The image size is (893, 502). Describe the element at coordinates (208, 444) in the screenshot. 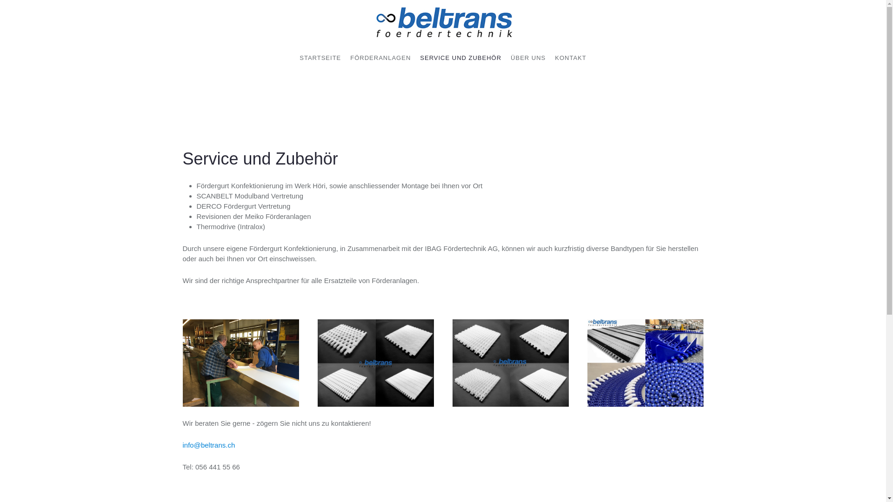

I see `'info@beltrans.ch'` at that location.